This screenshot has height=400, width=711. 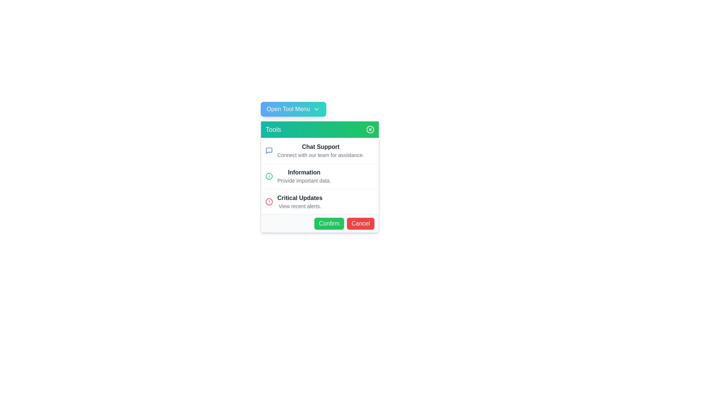 I want to click on the 'Cancel' button located at the bottom-right corner of the pop-up dialog labeled 'Tools' to change its appearance, so click(x=361, y=223).